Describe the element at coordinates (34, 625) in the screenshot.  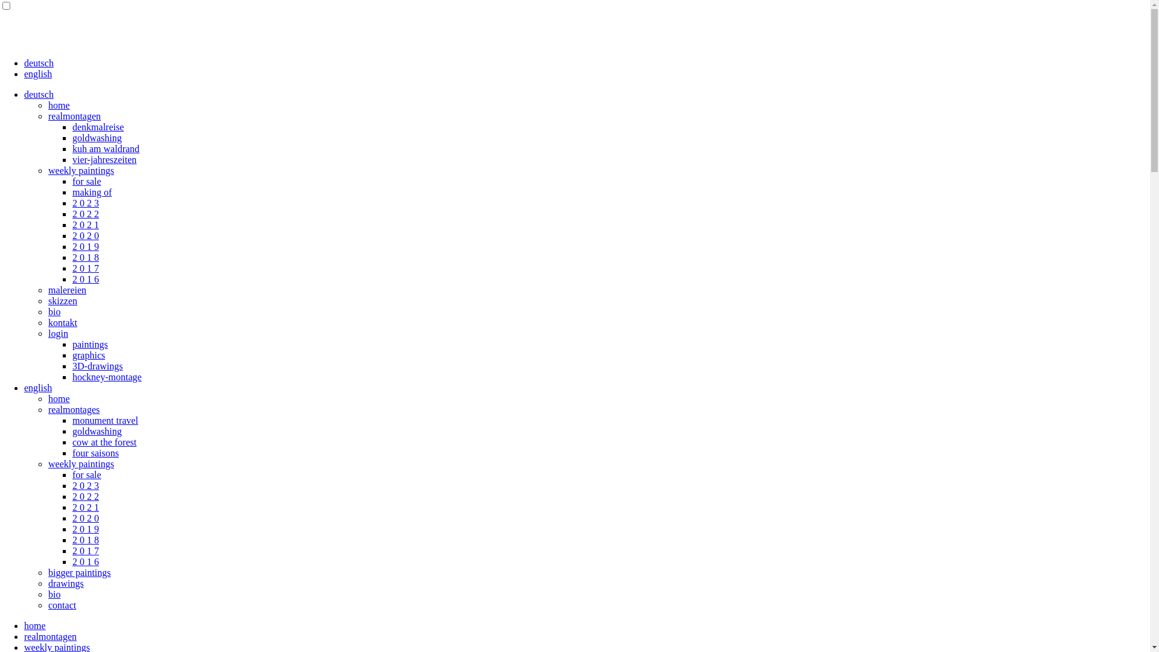
I see `'home'` at that location.